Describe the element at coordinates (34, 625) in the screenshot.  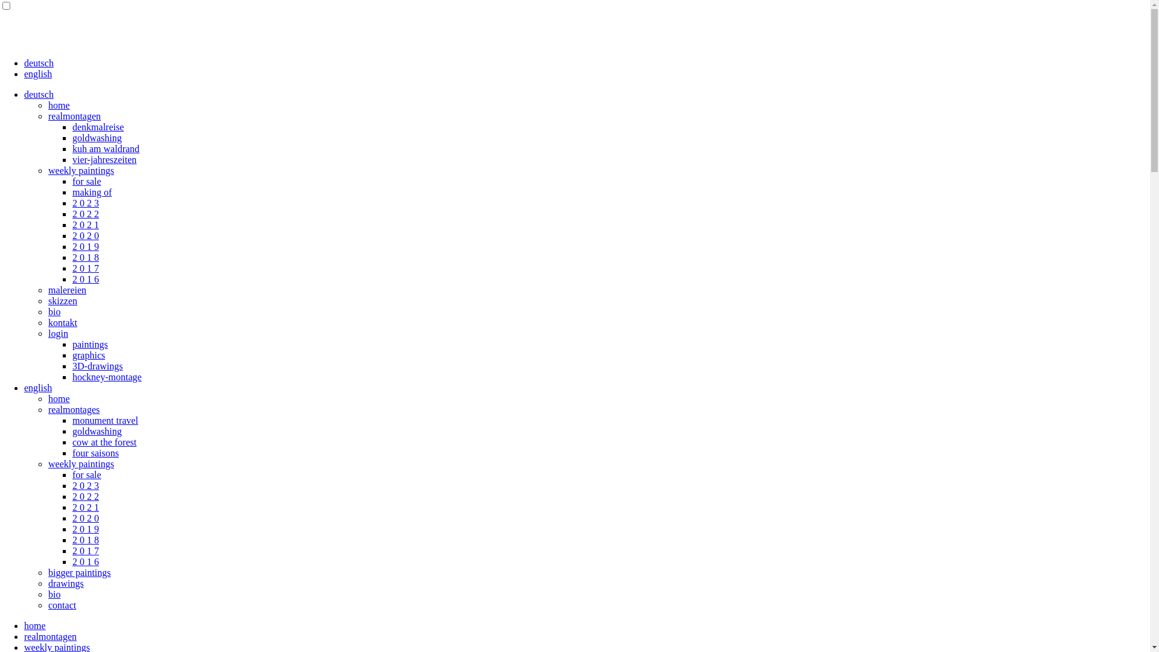
I see `'home'` at that location.